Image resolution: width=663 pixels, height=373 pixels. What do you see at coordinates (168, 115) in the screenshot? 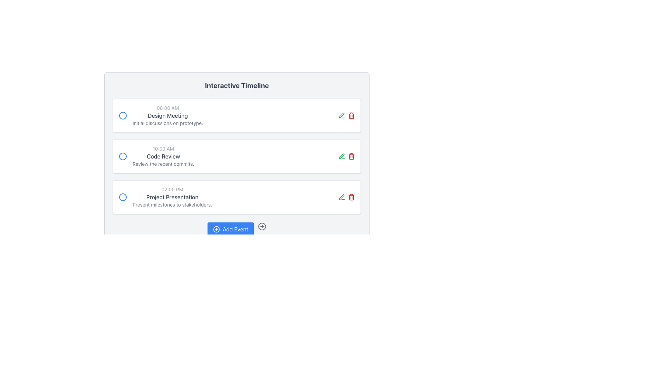
I see `text label that describes the event scheduled at 08:00 AM, which is located in the event block for '08:00 AM Design Meeting'` at bounding box center [168, 115].